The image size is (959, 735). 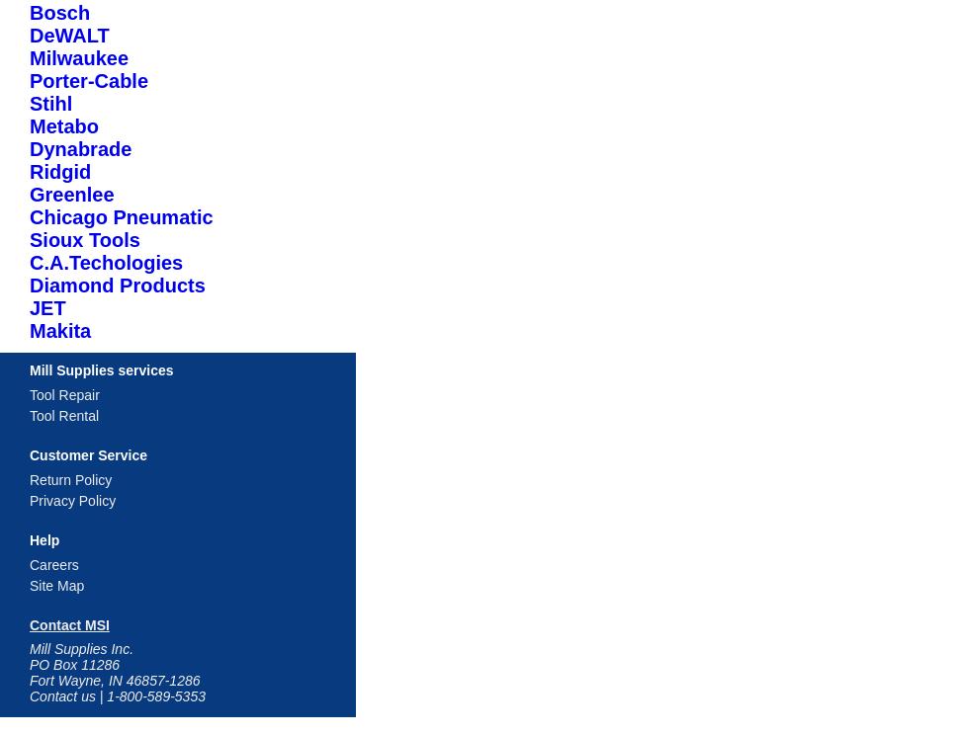 What do you see at coordinates (70, 195) in the screenshot?
I see `'Greenlee'` at bounding box center [70, 195].